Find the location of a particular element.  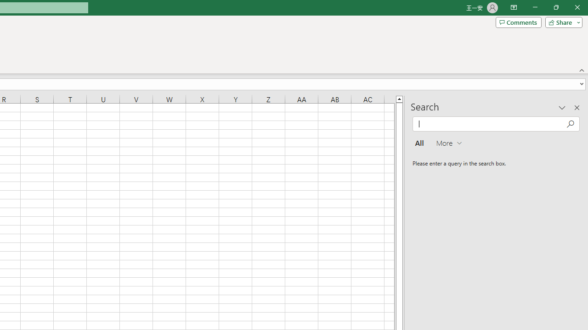

'Task Pane Options' is located at coordinates (562, 107).